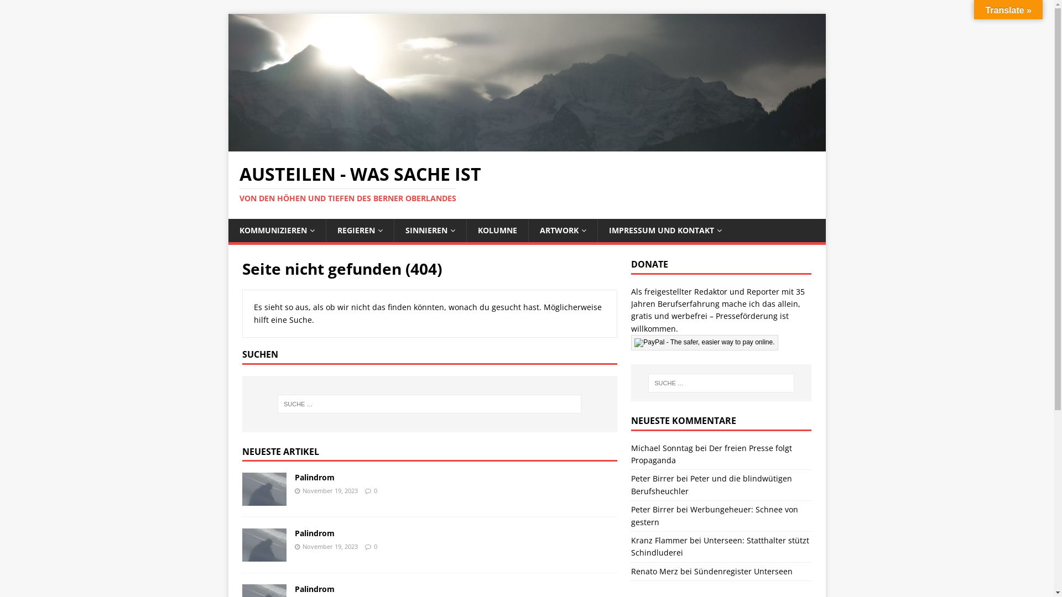  I want to click on 'REGIEREN', so click(359, 229).